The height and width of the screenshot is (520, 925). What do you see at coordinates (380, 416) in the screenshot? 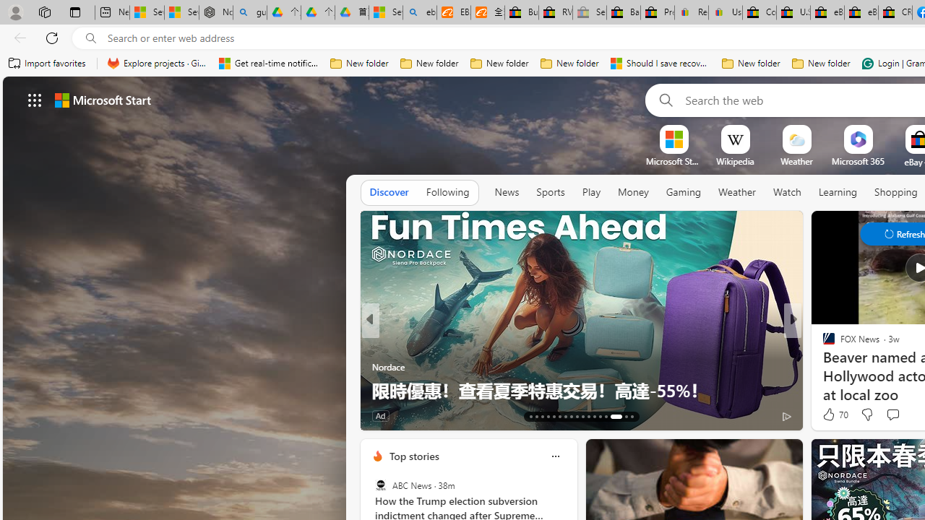
I see `'Ad'` at bounding box center [380, 416].